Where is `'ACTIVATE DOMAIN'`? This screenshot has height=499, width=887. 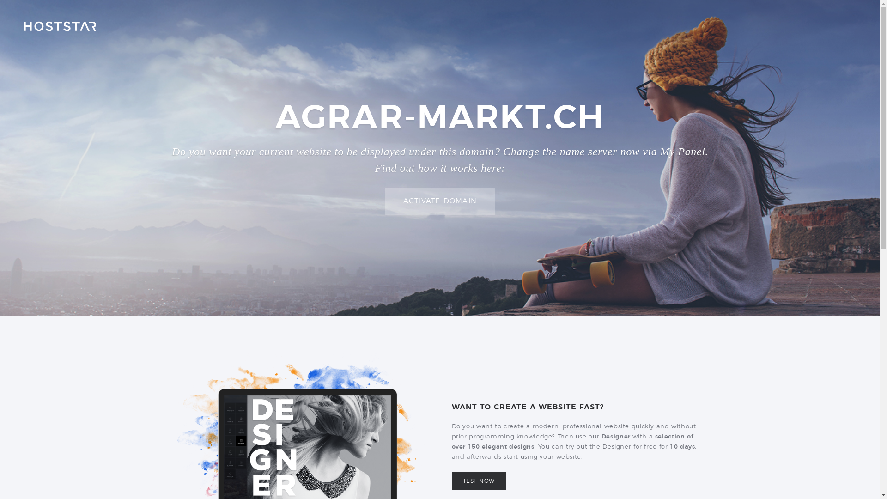
'ACTIVATE DOMAIN' is located at coordinates (439, 201).